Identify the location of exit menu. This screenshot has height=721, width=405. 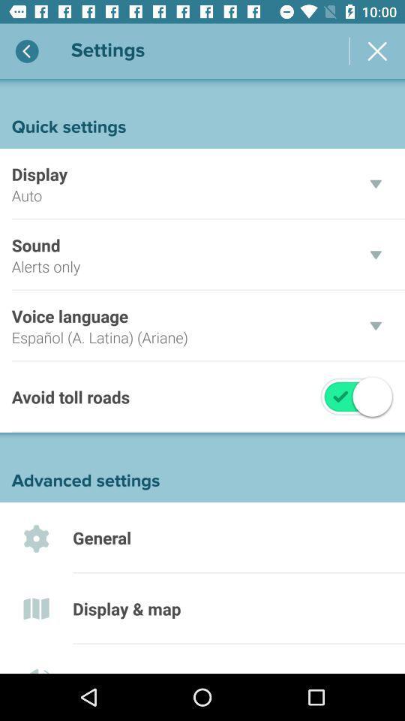
(376, 51).